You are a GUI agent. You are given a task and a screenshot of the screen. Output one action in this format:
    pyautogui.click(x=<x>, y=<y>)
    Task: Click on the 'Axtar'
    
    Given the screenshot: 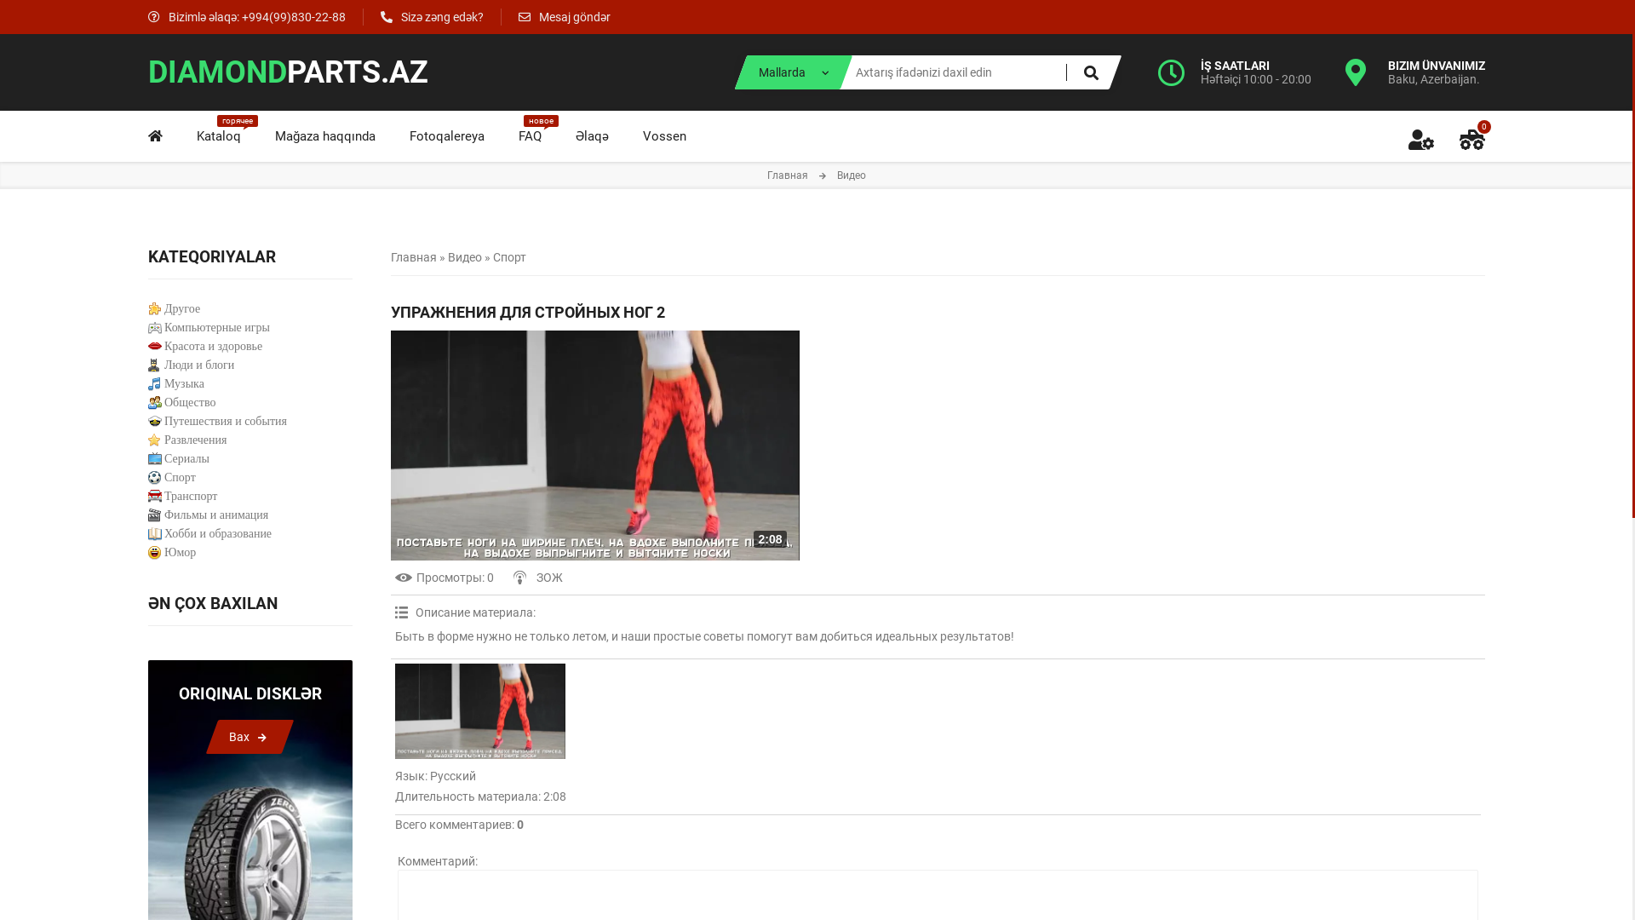 What is the action you would take?
    pyautogui.click(x=1091, y=71)
    